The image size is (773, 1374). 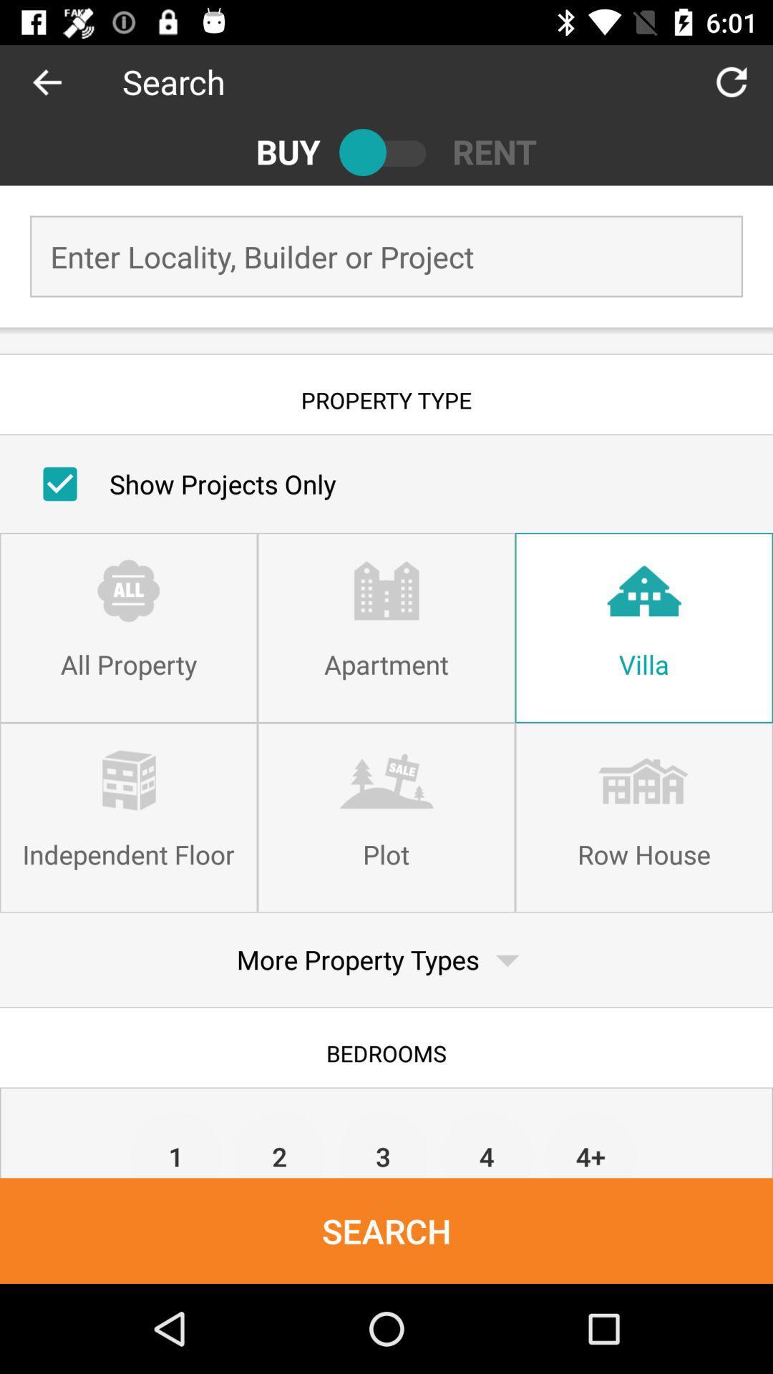 What do you see at coordinates (175, 1143) in the screenshot?
I see `item next to the 2 icon` at bounding box center [175, 1143].